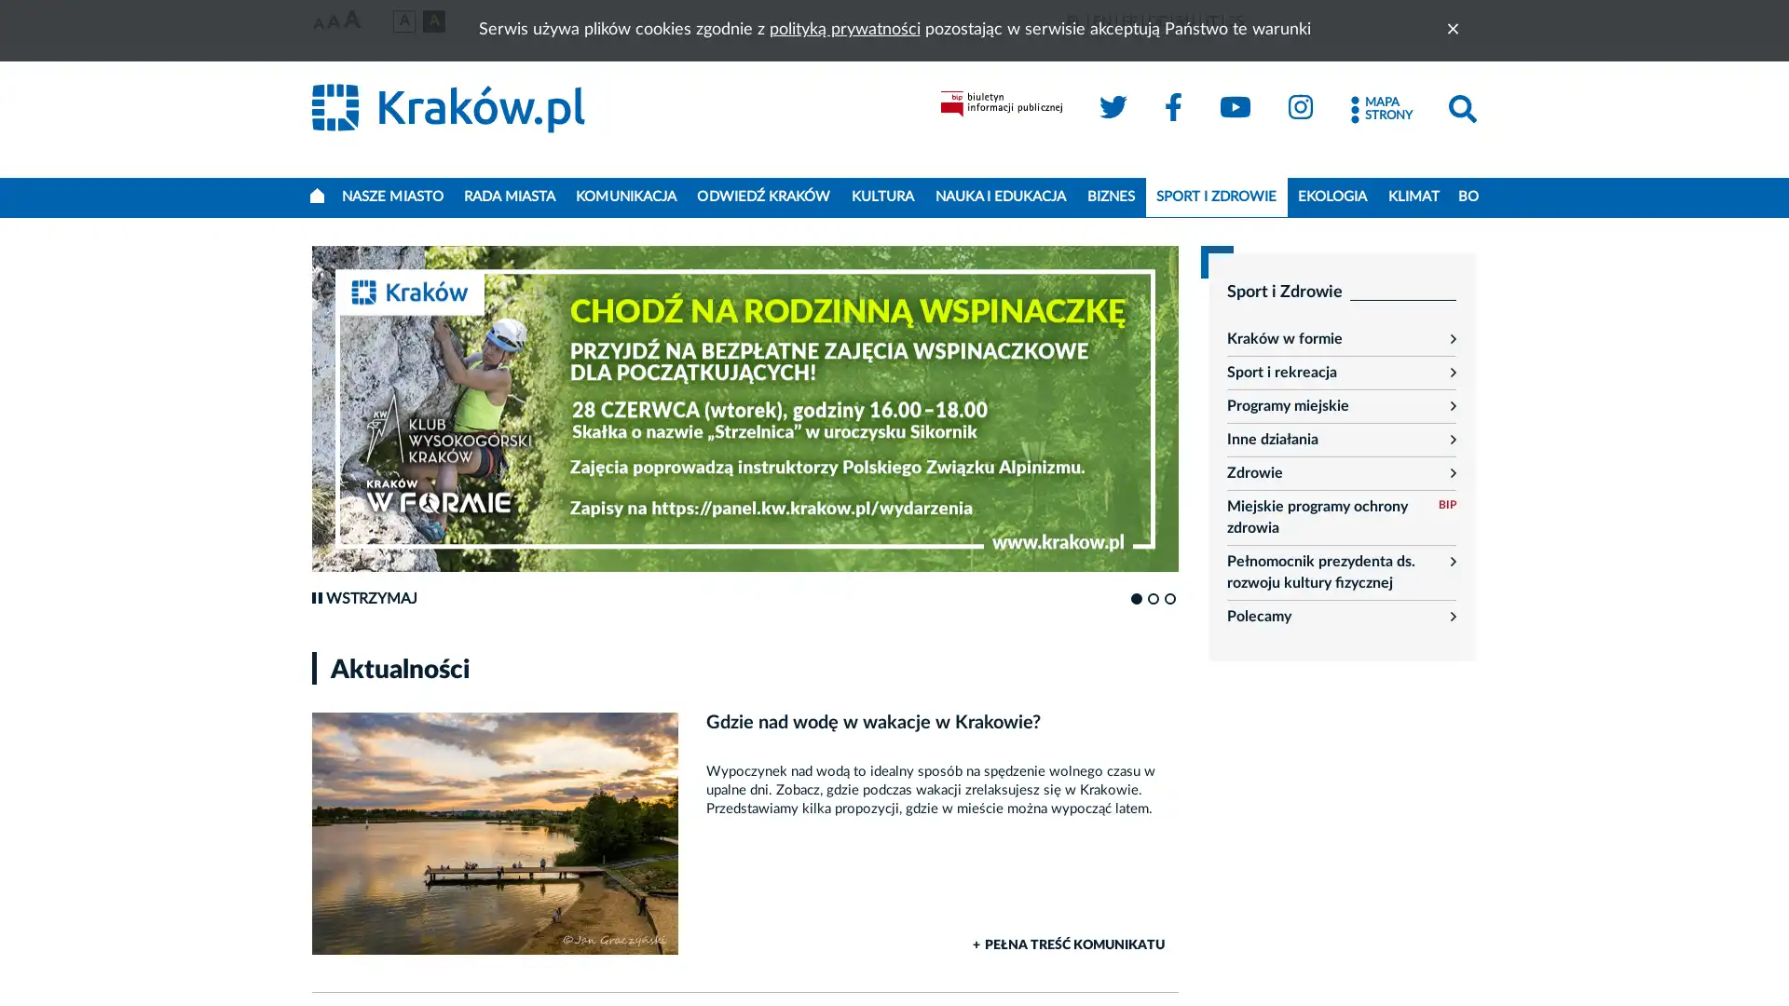 Image resolution: width=1789 pixels, height=1006 pixels. I want to click on Go to slide 2, so click(1153, 599).